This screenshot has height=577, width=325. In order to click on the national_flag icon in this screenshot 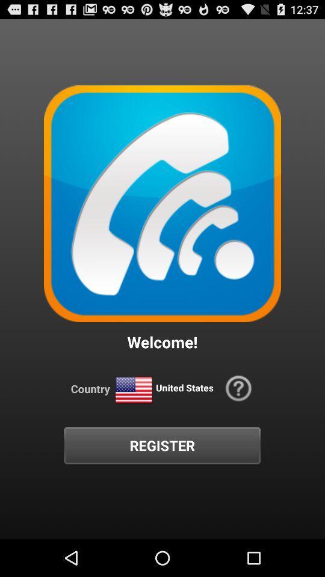, I will do `click(133, 418)`.